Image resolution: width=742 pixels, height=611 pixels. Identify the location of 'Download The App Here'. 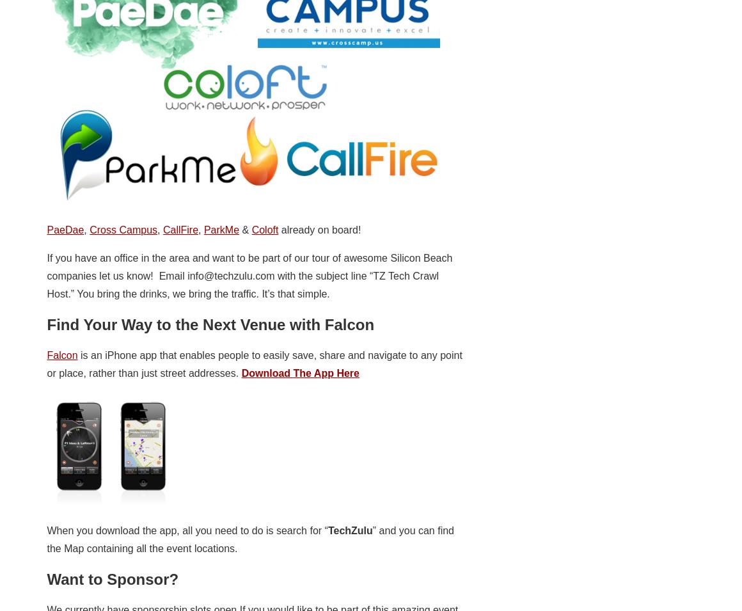
(299, 372).